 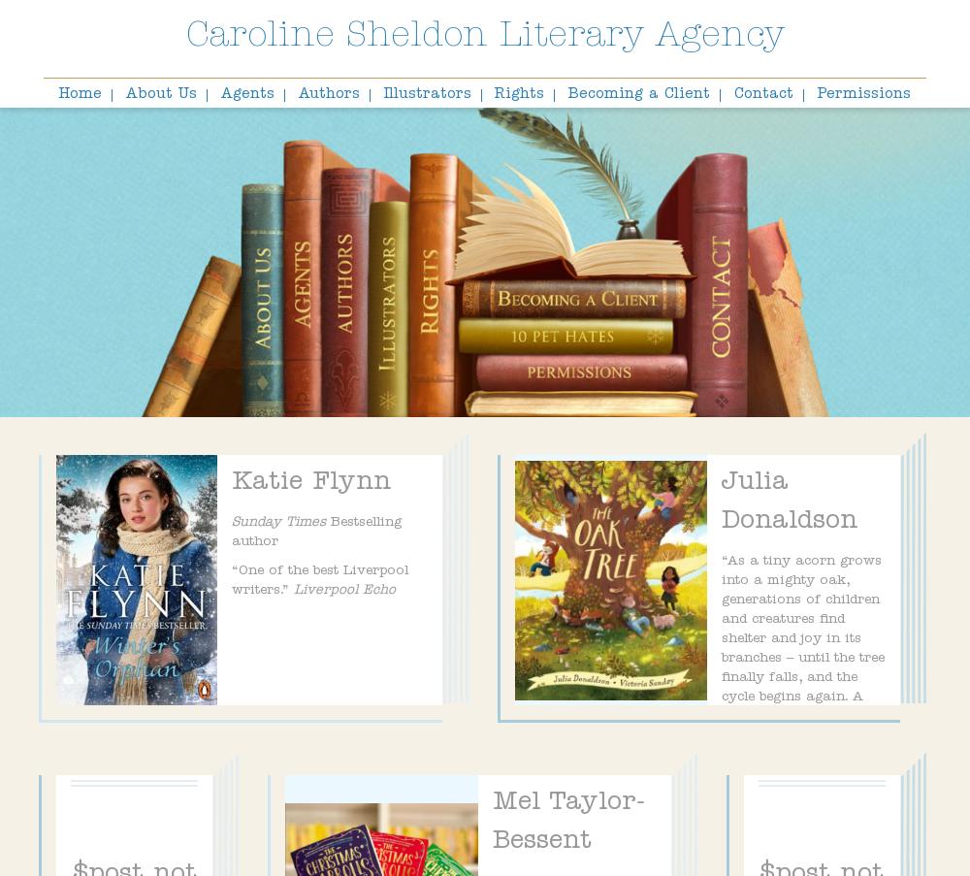 What do you see at coordinates (426, 95) in the screenshot?
I see `'Illustrators'` at bounding box center [426, 95].